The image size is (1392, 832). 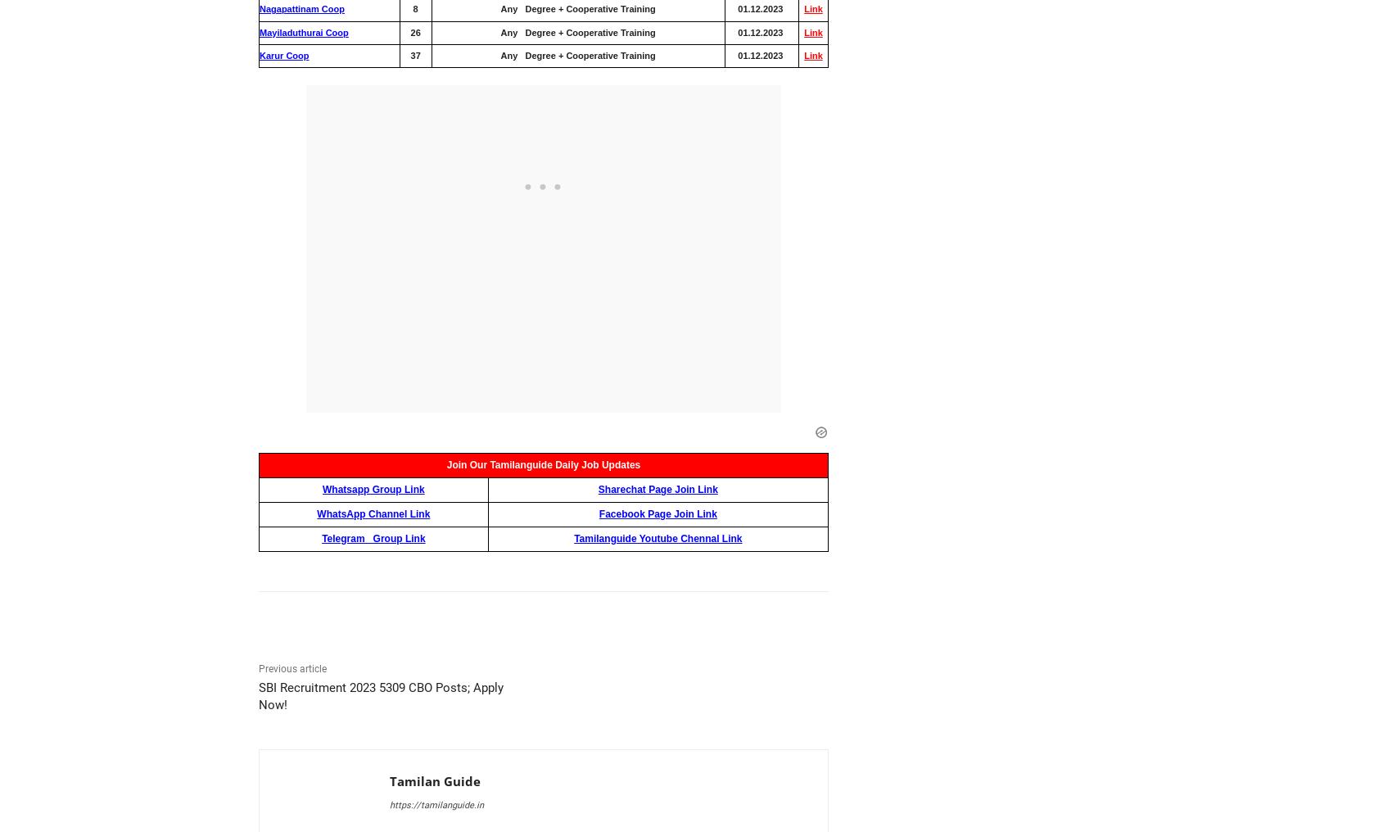 I want to click on 'Mayiladuthurai Coop', so click(x=302, y=31).